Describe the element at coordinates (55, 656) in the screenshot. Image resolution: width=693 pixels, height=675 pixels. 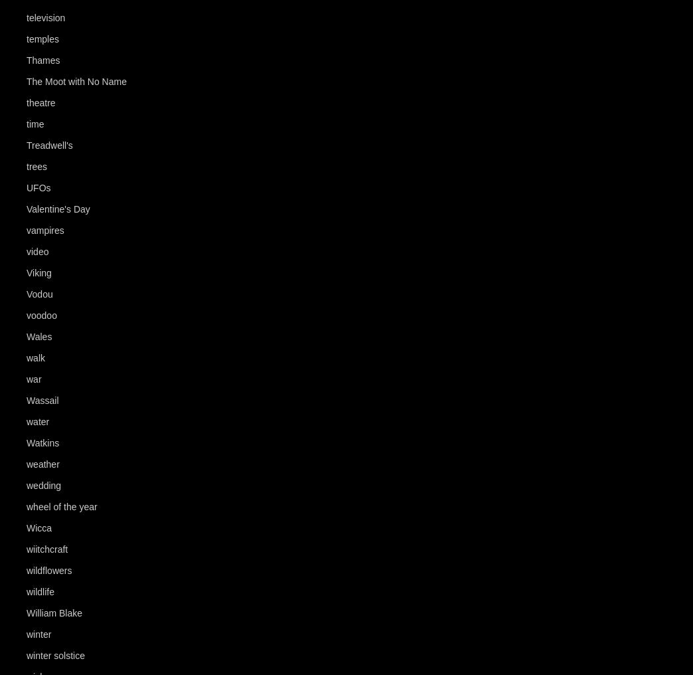
I see `'winter solstice'` at that location.